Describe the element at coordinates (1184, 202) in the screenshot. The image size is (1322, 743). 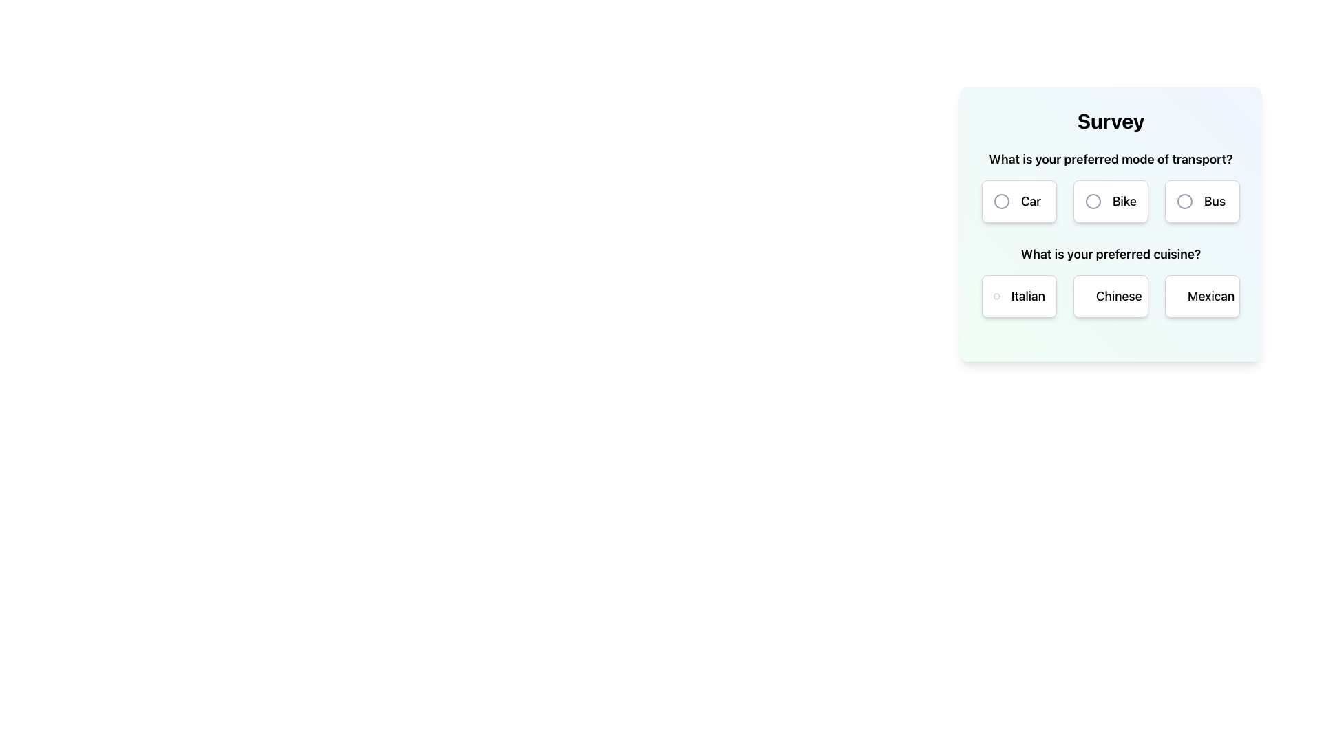
I see `the radio button for 'Bus'` at that location.